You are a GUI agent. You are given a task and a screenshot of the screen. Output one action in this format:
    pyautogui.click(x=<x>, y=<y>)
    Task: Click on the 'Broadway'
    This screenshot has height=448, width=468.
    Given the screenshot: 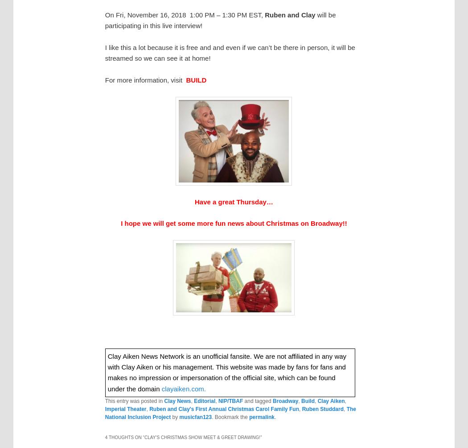 What is the action you would take?
    pyautogui.click(x=284, y=400)
    